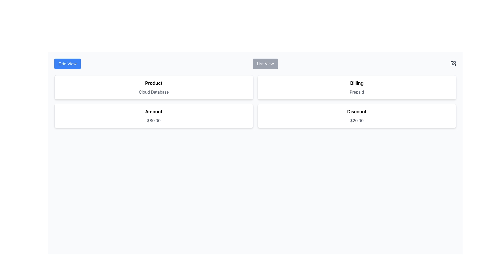 This screenshot has height=280, width=497. What do you see at coordinates (255, 64) in the screenshot?
I see `the 'List View' button in the Toggle Button Group, which is the right button styled with a gray background and white text` at bounding box center [255, 64].